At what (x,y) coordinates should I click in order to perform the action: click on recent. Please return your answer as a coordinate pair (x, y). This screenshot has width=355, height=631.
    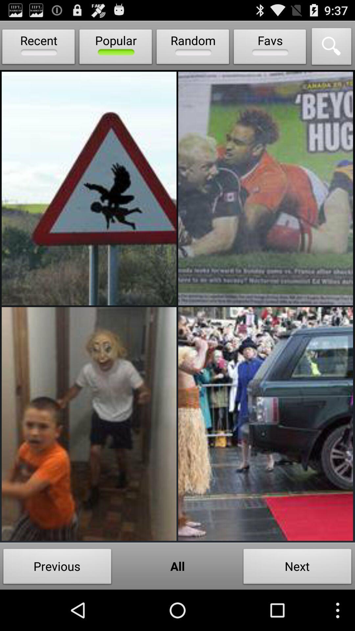
    Looking at the image, I should click on (38, 48).